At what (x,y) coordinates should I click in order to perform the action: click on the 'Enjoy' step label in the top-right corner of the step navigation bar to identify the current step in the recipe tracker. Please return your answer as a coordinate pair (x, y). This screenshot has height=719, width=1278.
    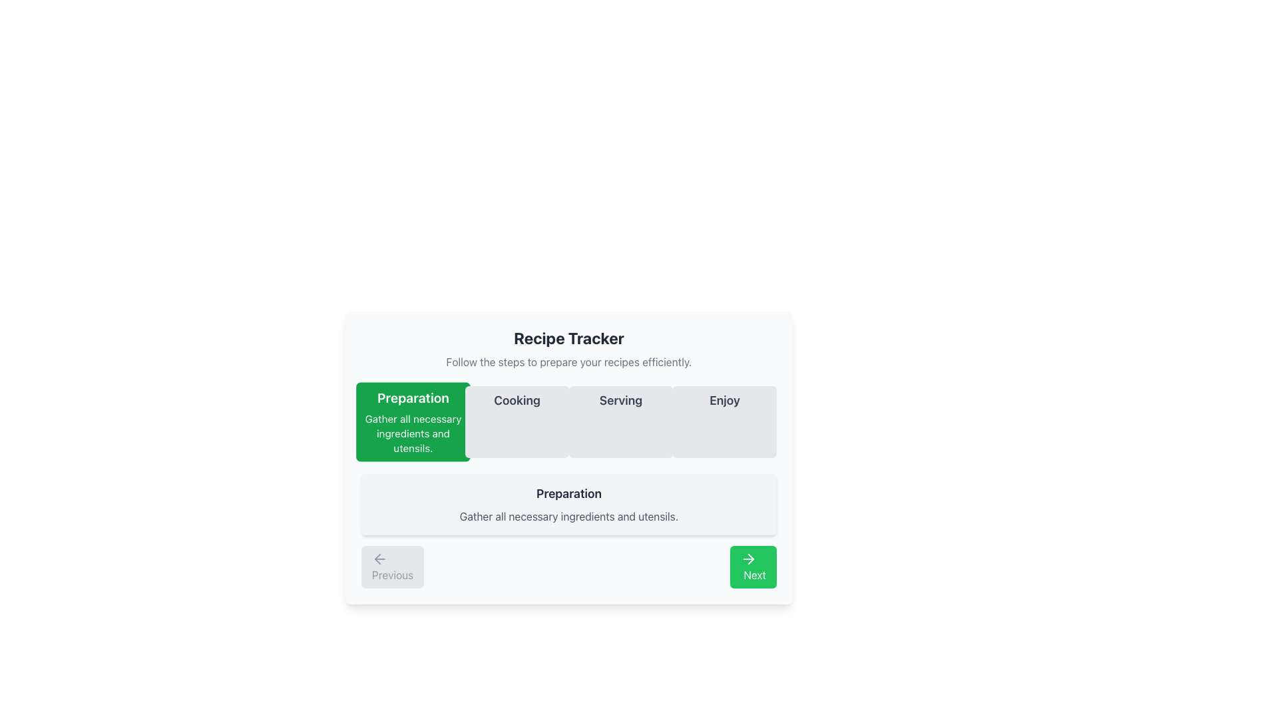
    Looking at the image, I should click on (724, 399).